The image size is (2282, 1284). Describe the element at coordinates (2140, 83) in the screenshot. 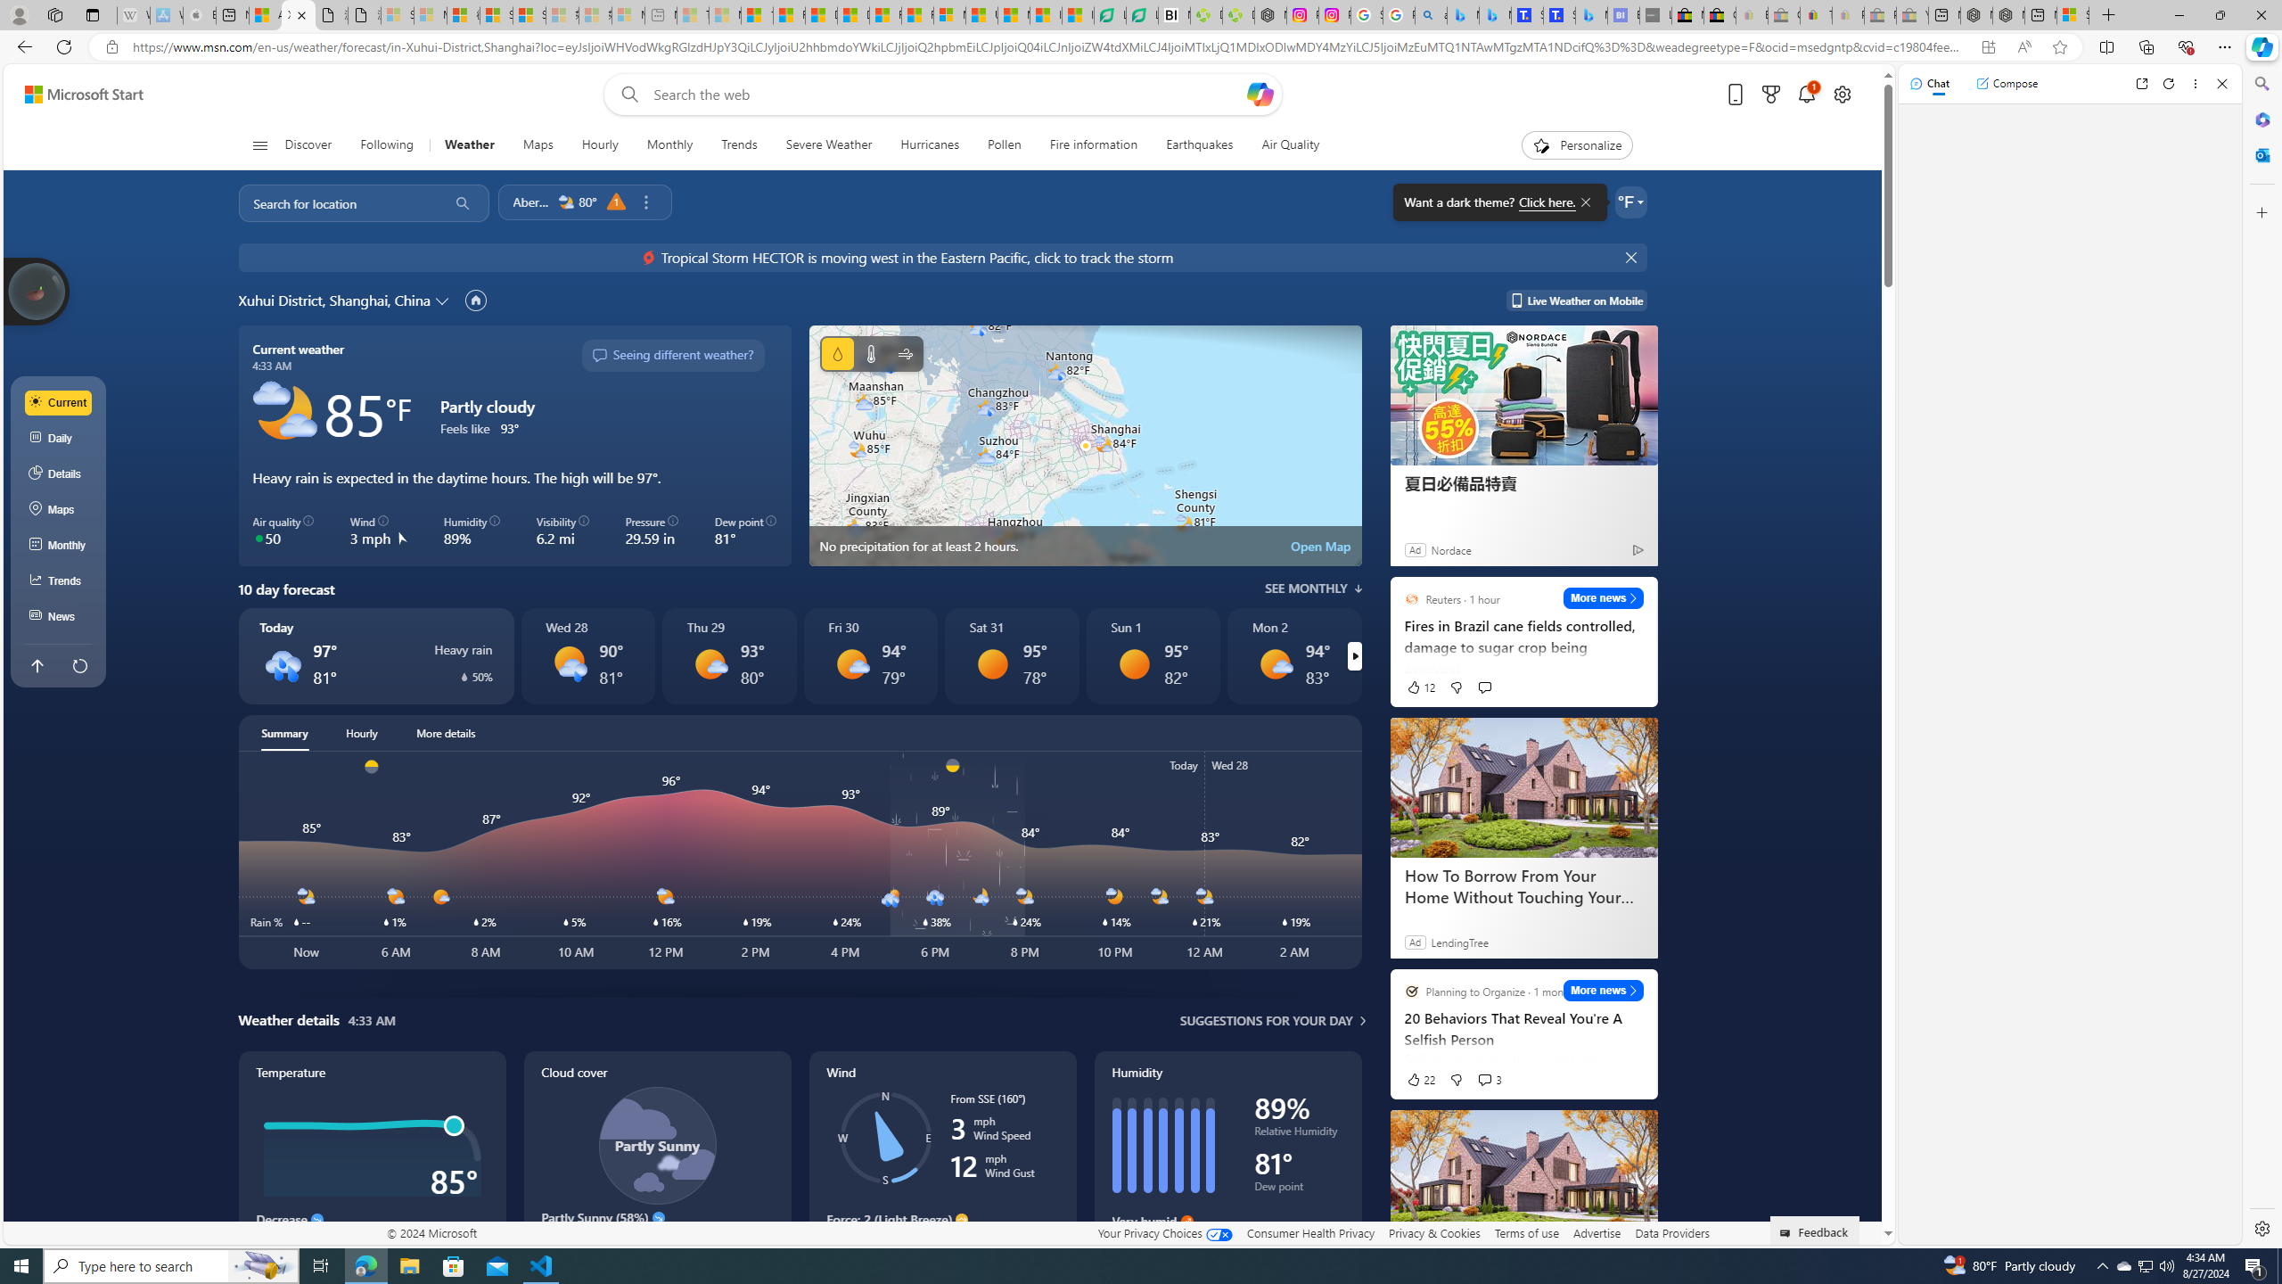

I see `'Open link in new tab'` at that location.